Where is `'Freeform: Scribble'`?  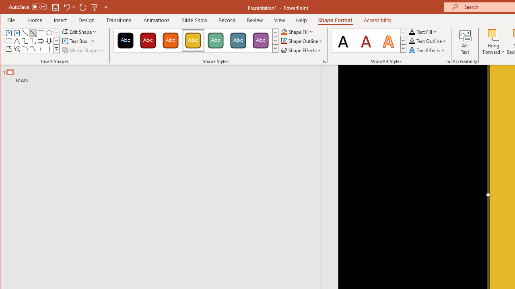
'Freeform: Scribble' is located at coordinates (17, 49).